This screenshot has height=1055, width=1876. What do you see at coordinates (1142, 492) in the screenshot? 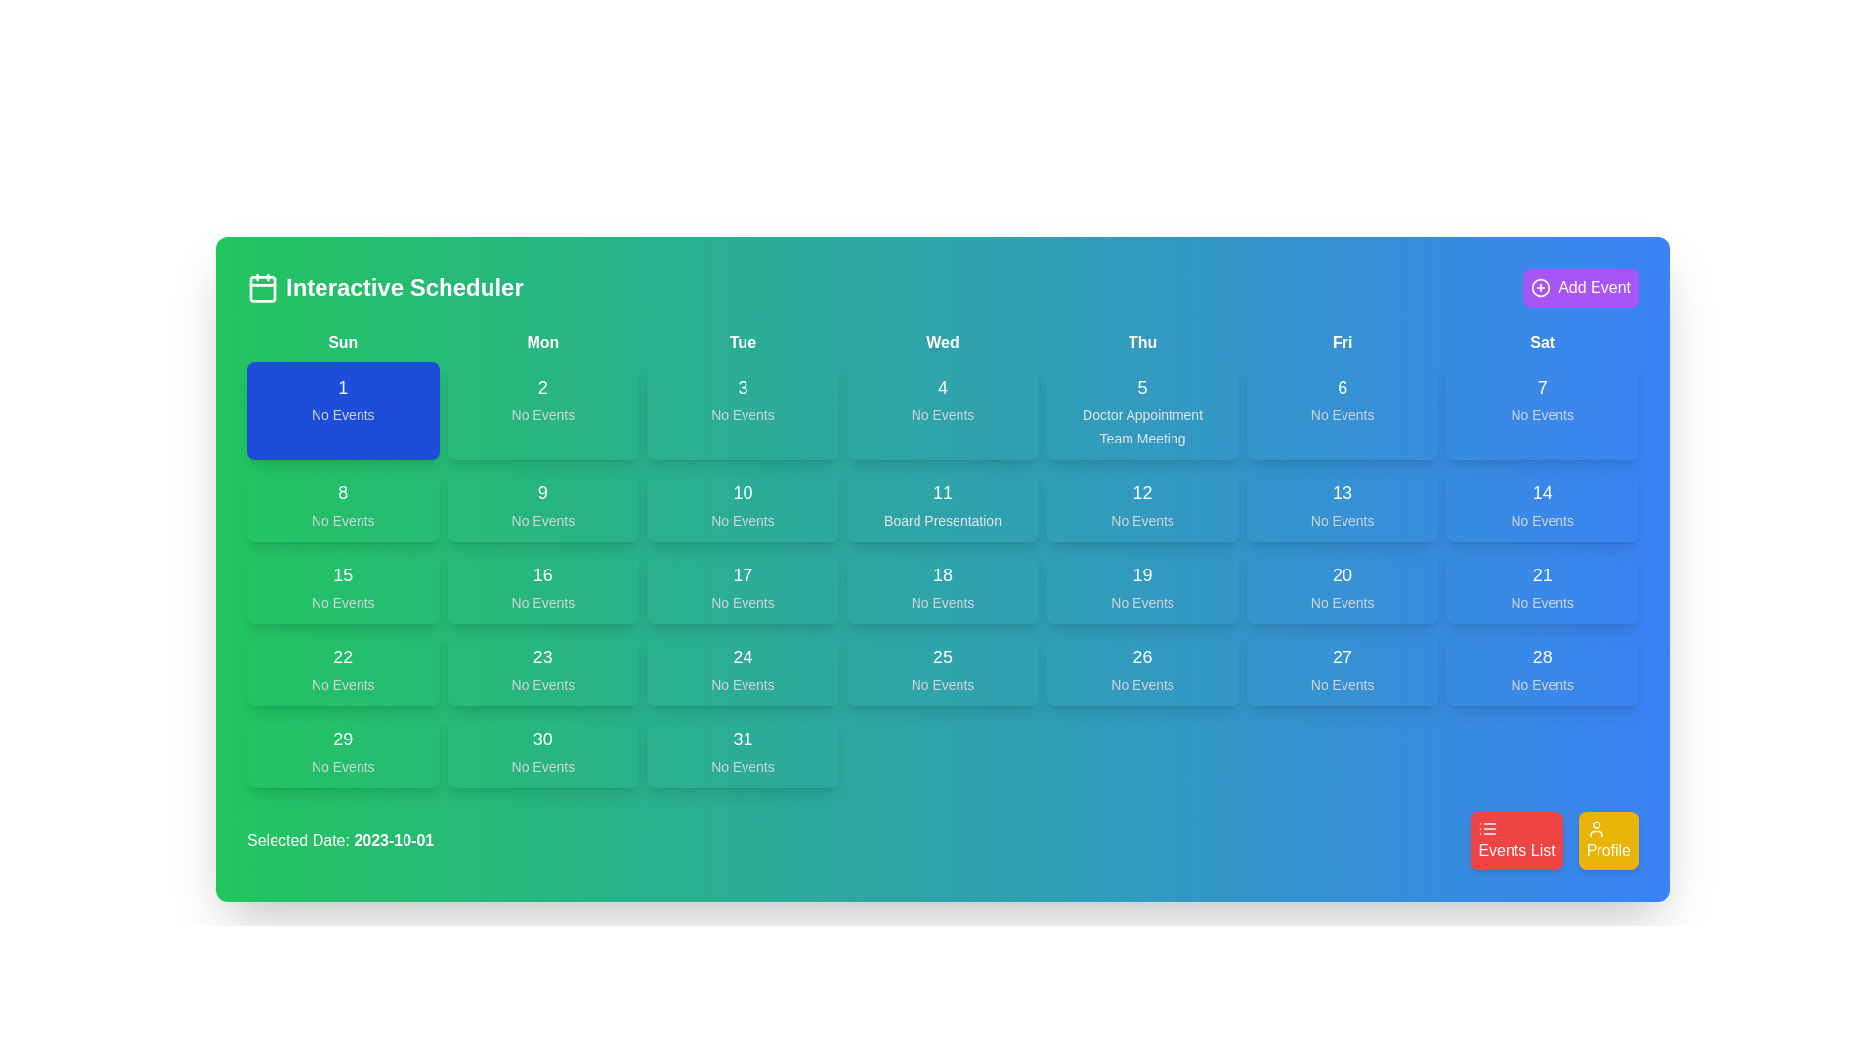
I see `the displayed number '12' on the bold text label located in the grid schedule for 'Thursday, 12th' in the 4th column and 2nd row` at bounding box center [1142, 492].